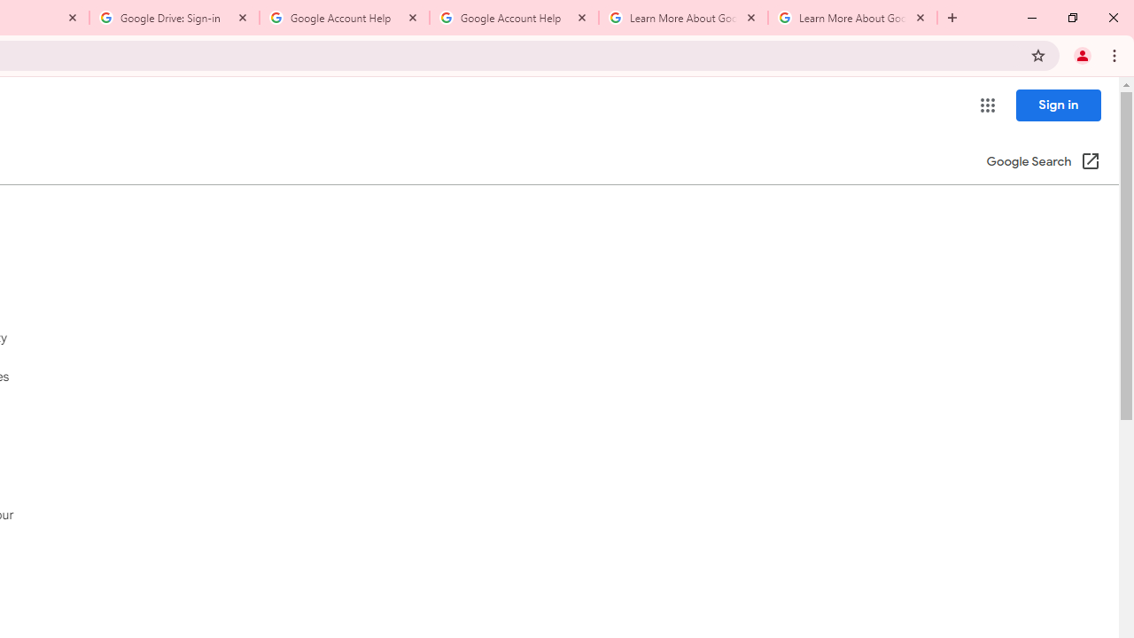 Image resolution: width=1134 pixels, height=638 pixels. What do you see at coordinates (175, 18) in the screenshot?
I see `'Google Drive: Sign-in'` at bounding box center [175, 18].